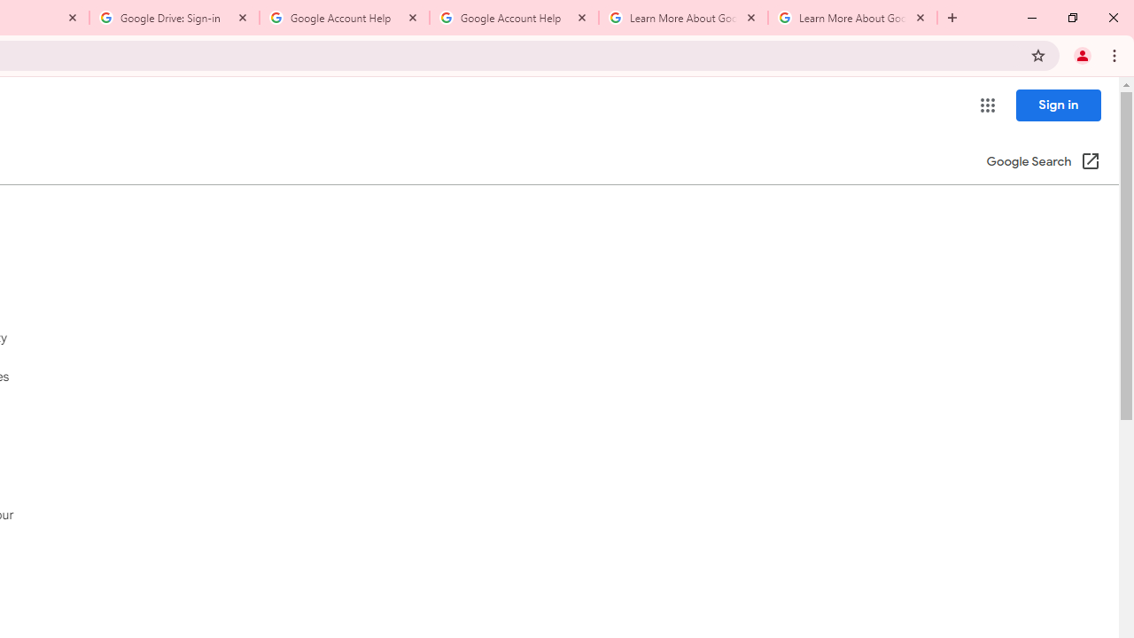 Image resolution: width=1134 pixels, height=638 pixels. What do you see at coordinates (175, 18) in the screenshot?
I see `'Google Drive: Sign-in'` at bounding box center [175, 18].